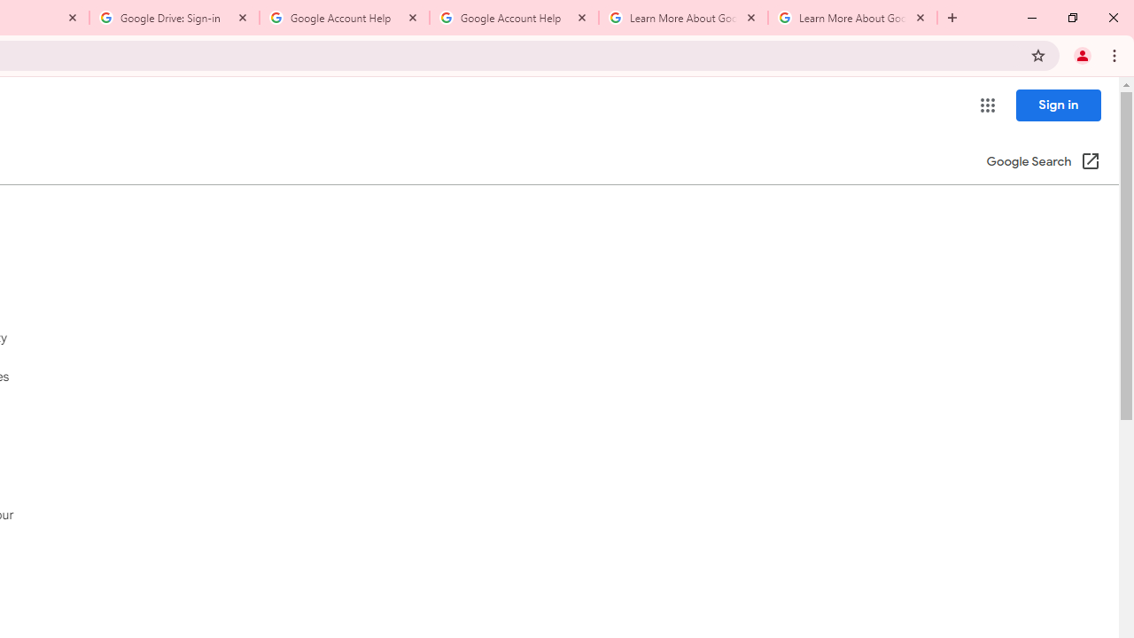 Image resolution: width=1134 pixels, height=638 pixels. What do you see at coordinates (175, 18) in the screenshot?
I see `'Google Drive: Sign-in'` at bounding box center [175, 18].